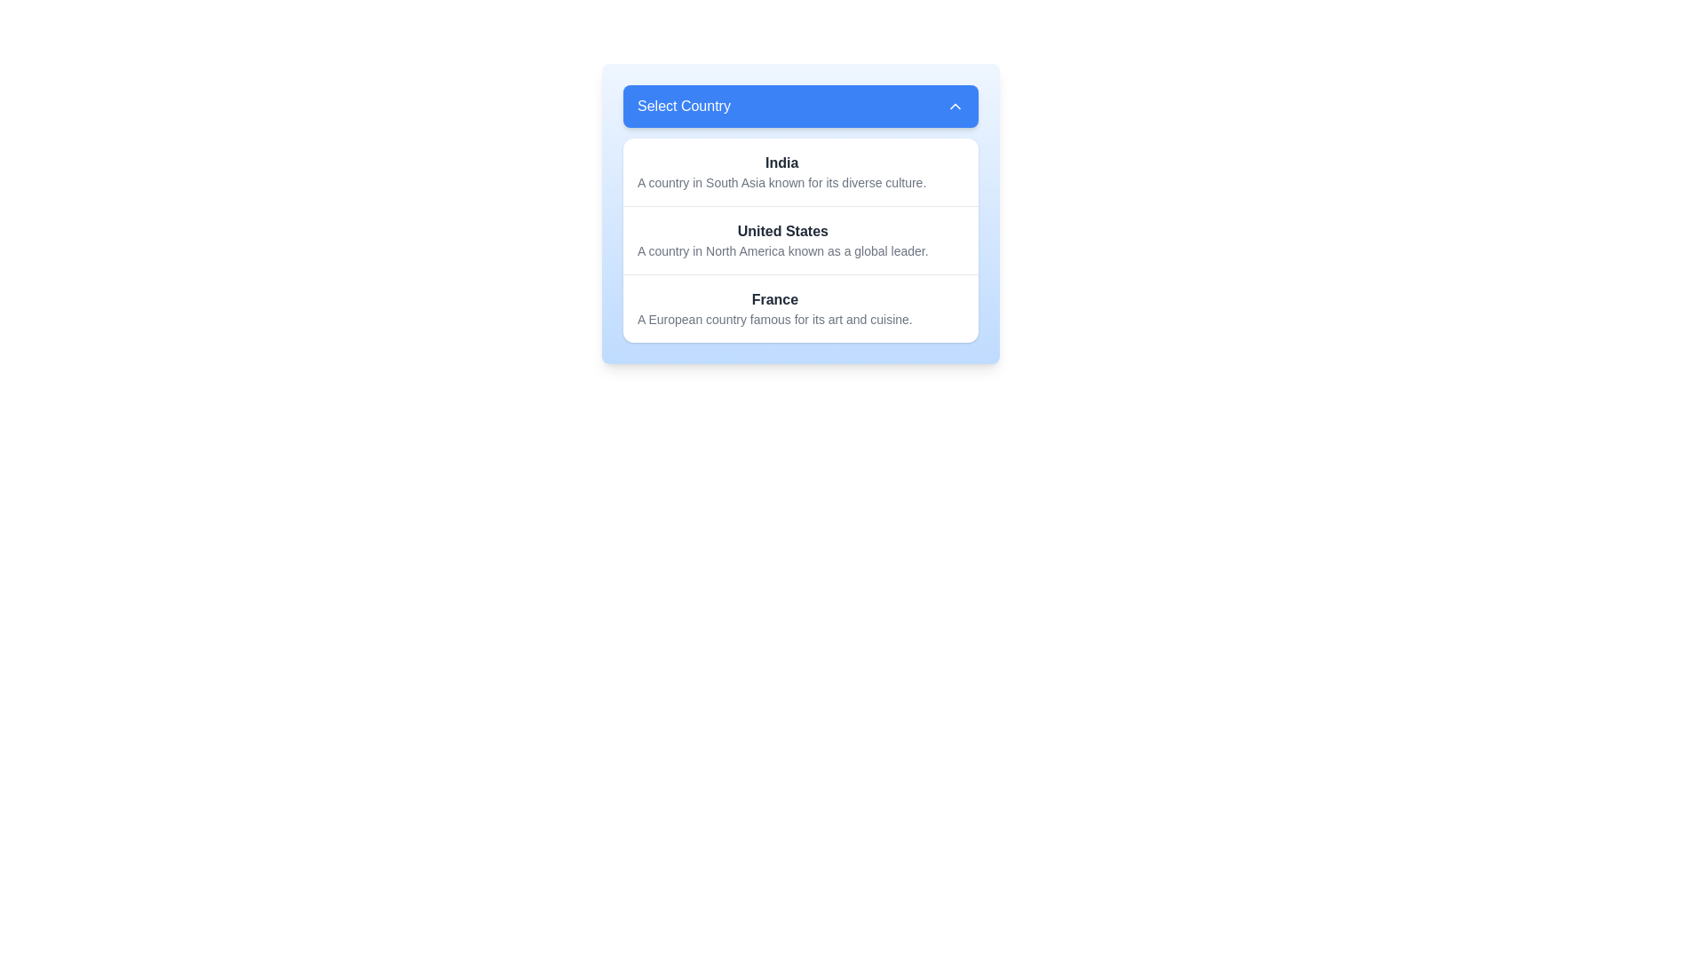 Image resolution: width=1705 pixels, height=959 pixels. Describe the element at coordinates (781, 163) in the screenshot. I see `the text label displaying 'India' in bold dark gray font, located at the top of the dropdown menu under 'Select Country.'` at that location.